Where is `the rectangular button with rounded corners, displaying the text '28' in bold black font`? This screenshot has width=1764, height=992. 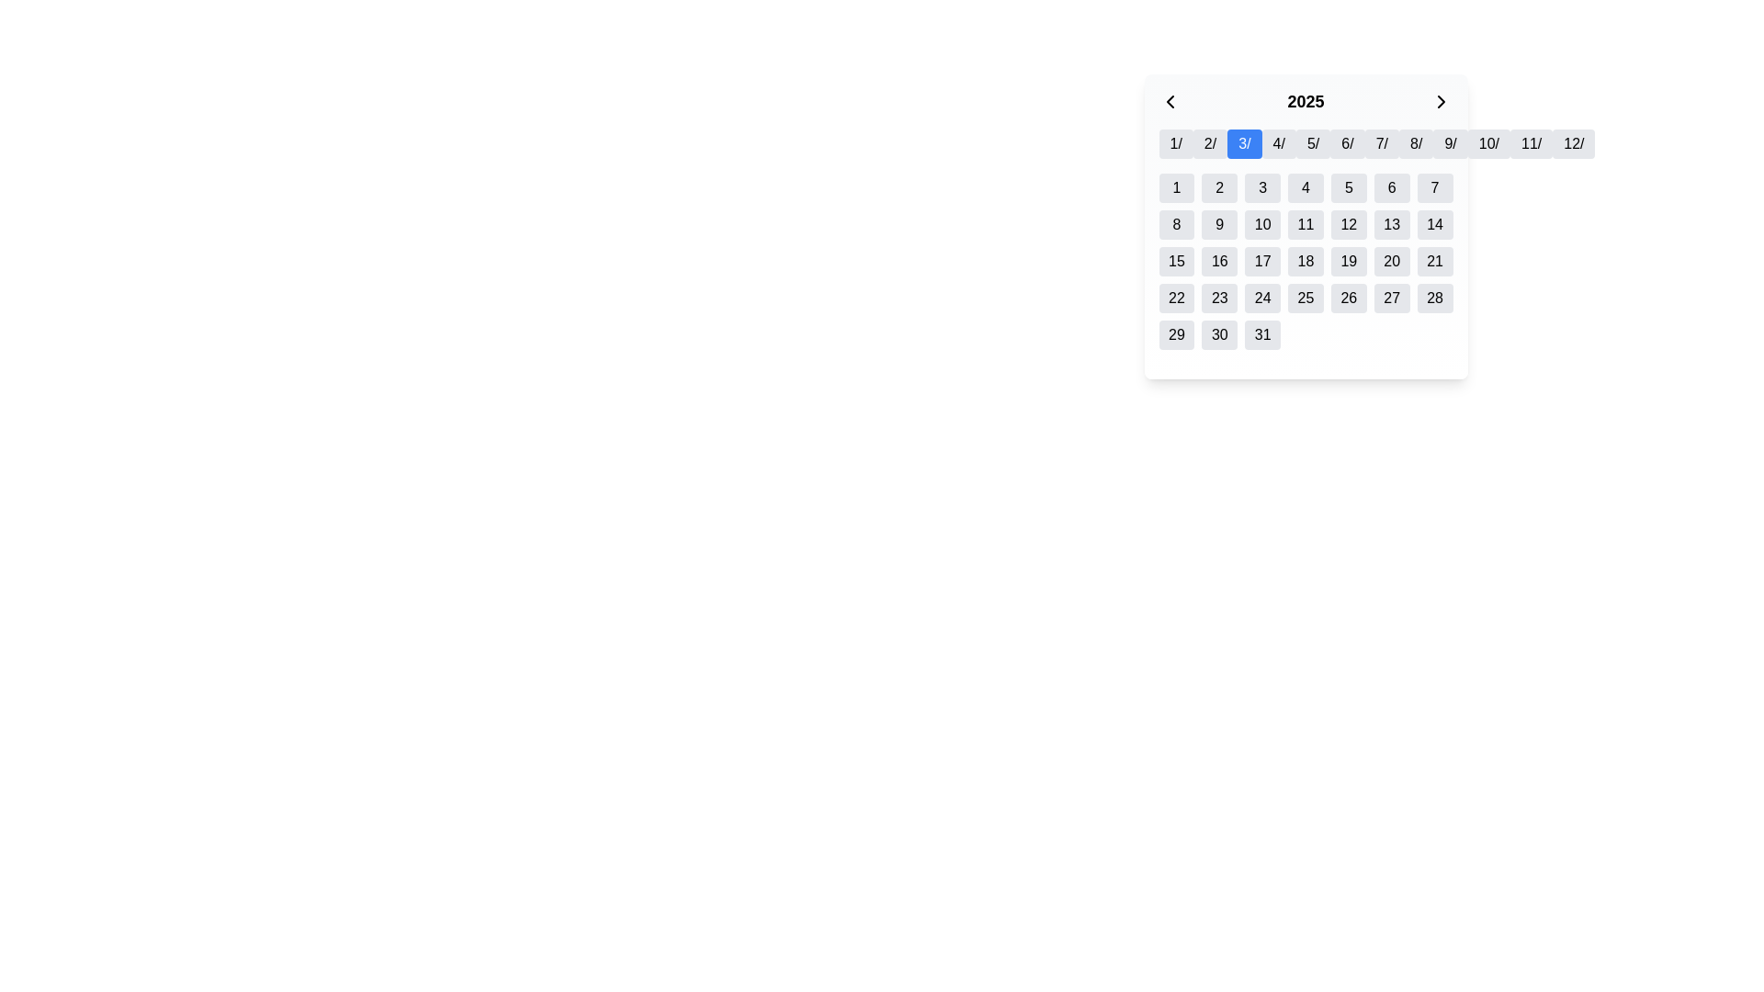 the rectangular button with rounded corners, displaying the text '28' in bold black font is located at coordinates (1434, 297).